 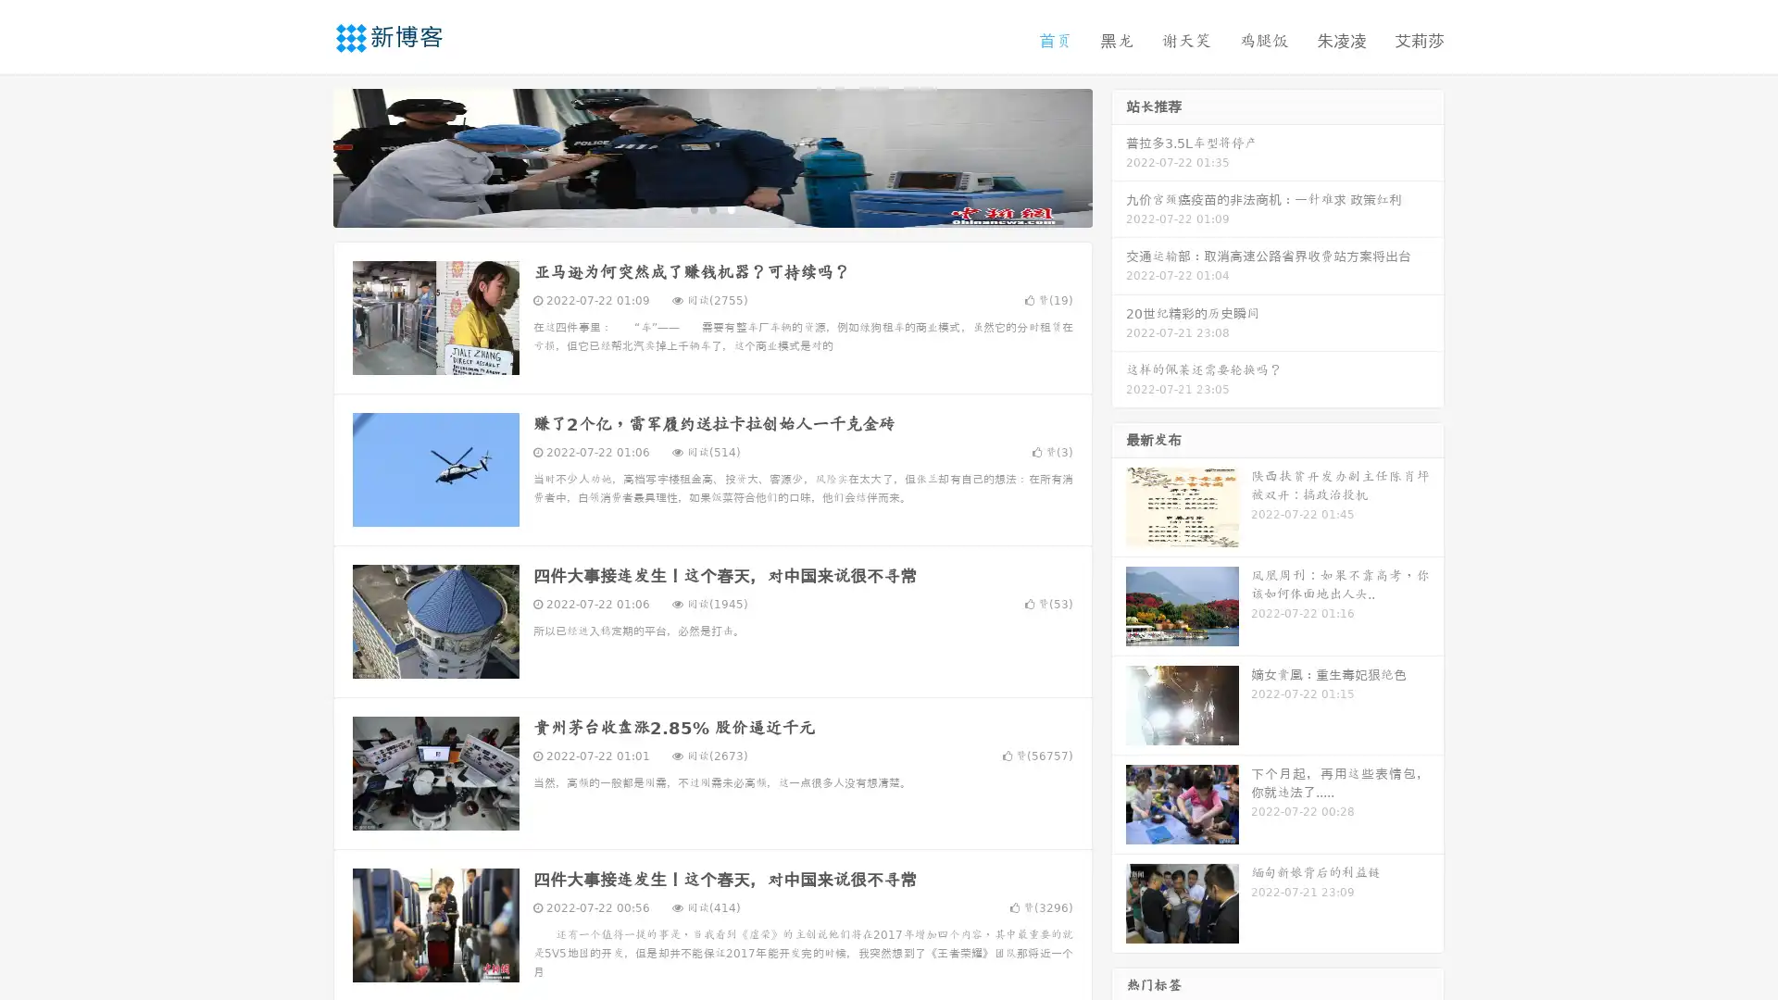 What do you see at coordinates (693, 208) in the screenshot?
I see `Go to slide 1` at bounding box center [693, 208].